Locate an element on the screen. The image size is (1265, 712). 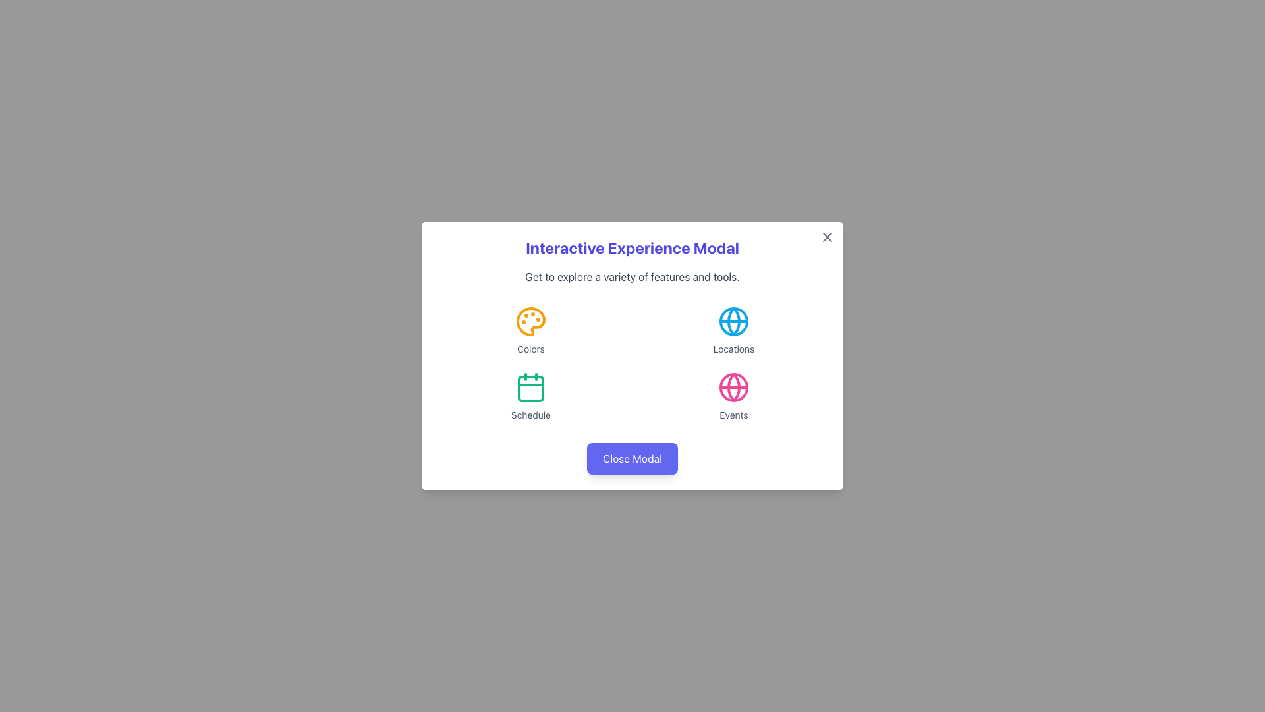
the 'Events' menu item located in the bottom right corner of the UI, which features a pink globe icon above the text label is located at coordinates (733, 396).